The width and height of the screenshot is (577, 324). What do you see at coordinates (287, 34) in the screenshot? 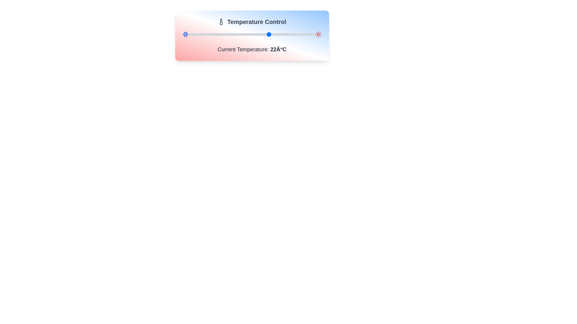
I see `the temperature` at bounding box center [287, 34].